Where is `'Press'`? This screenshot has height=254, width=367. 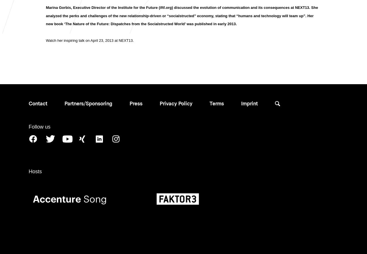
'Press' is located at coordinates (136, 103).